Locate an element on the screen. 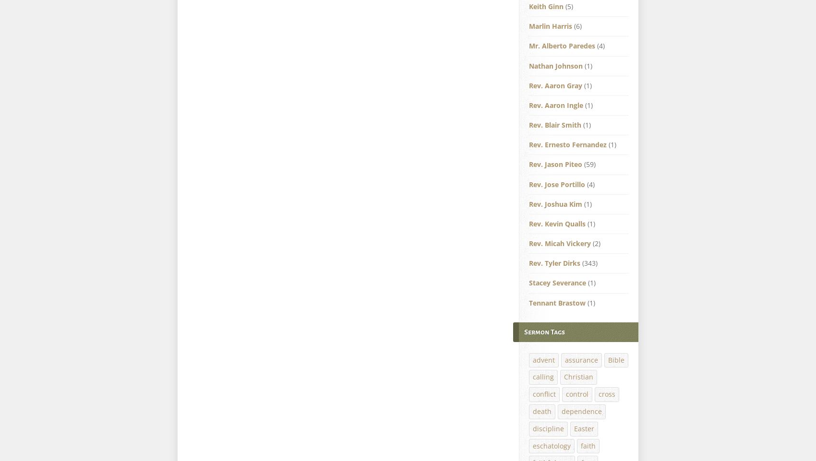 The height and width of the screenshot is (461, 816). 'Bible' is located at coordinates (616, 359).